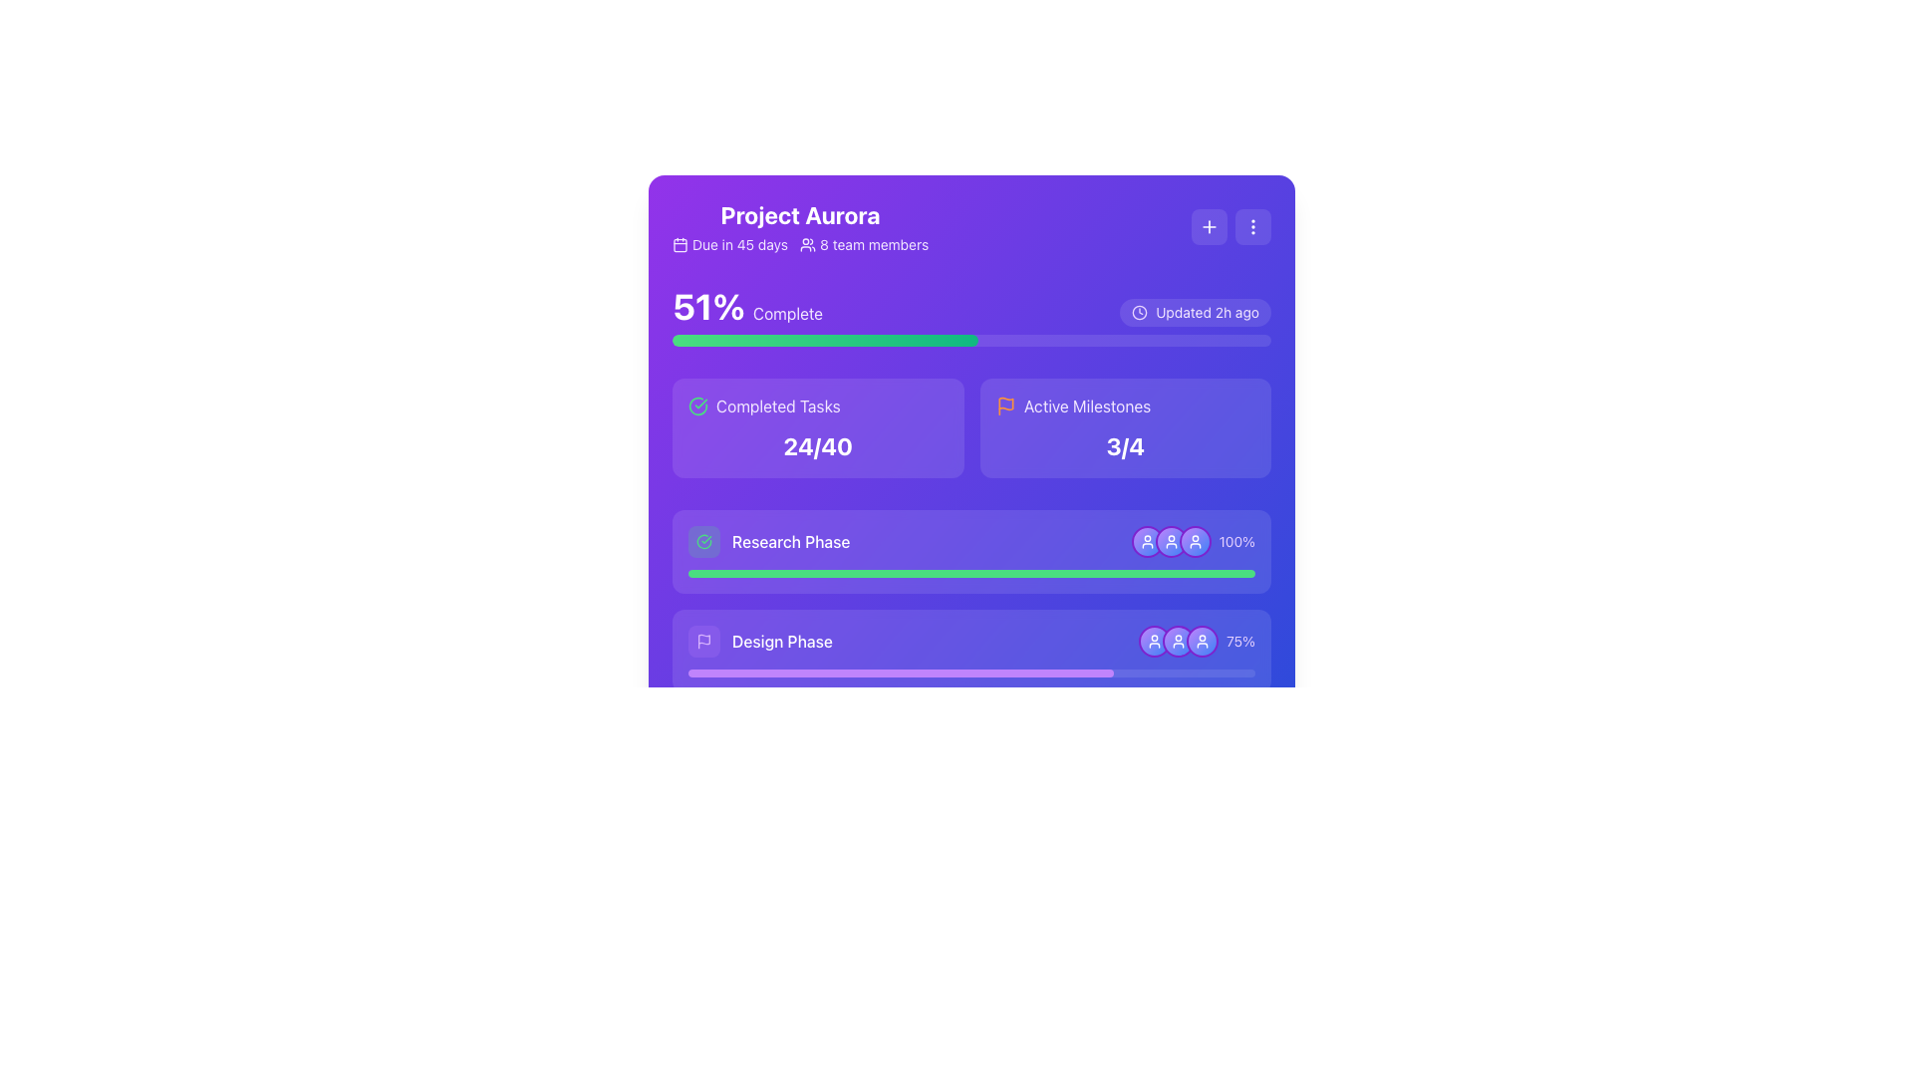 The image size is (1913, 1076). Describe the element at coordinates (787, 314) in the screenshot. I see `the text label reading 'Complete' that is styled in light purple and positioned adjacent to the percentage value '51%'` at that location.